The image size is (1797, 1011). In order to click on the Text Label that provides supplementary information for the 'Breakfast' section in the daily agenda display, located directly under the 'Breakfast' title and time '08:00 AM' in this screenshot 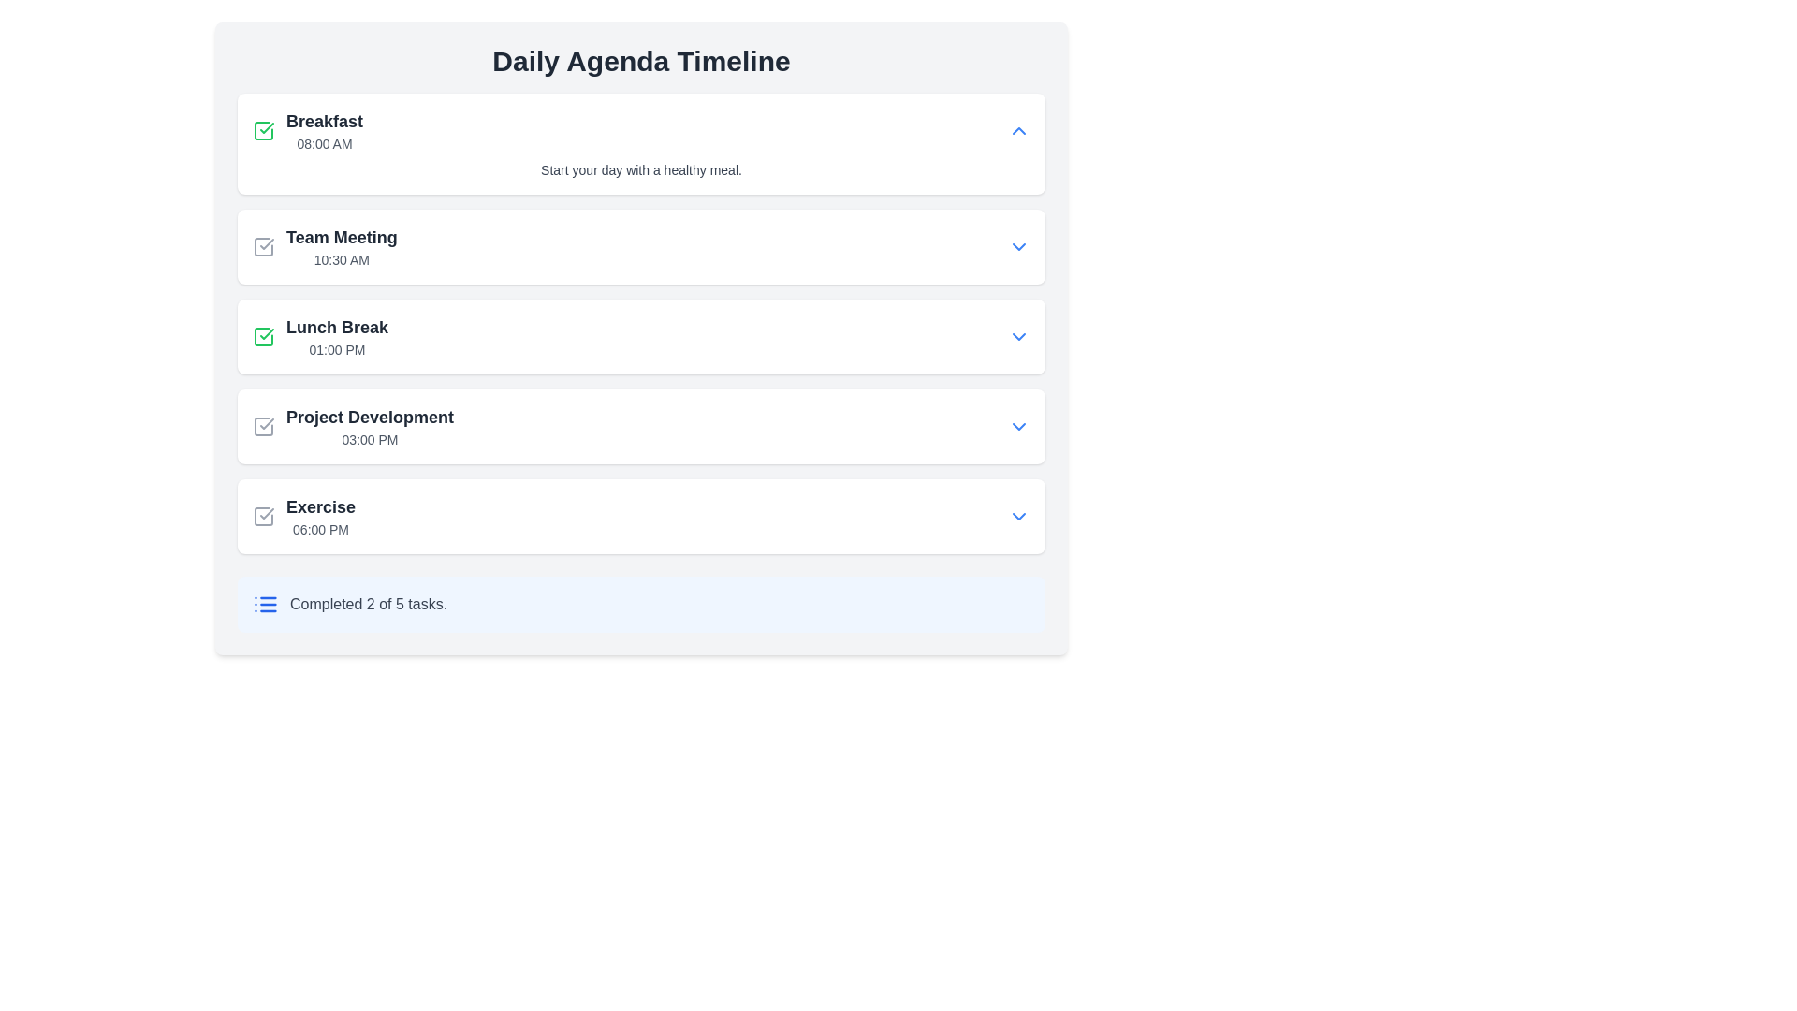, I will do `click(641, 169)`.